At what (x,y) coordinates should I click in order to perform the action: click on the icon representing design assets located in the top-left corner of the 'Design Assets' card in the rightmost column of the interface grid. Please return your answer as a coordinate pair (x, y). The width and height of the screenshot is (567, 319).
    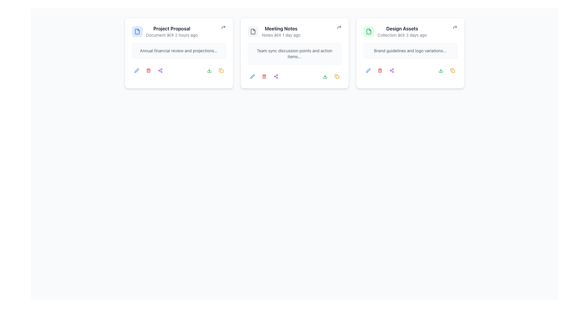
    Looking at the image, I should click on (368, 32).